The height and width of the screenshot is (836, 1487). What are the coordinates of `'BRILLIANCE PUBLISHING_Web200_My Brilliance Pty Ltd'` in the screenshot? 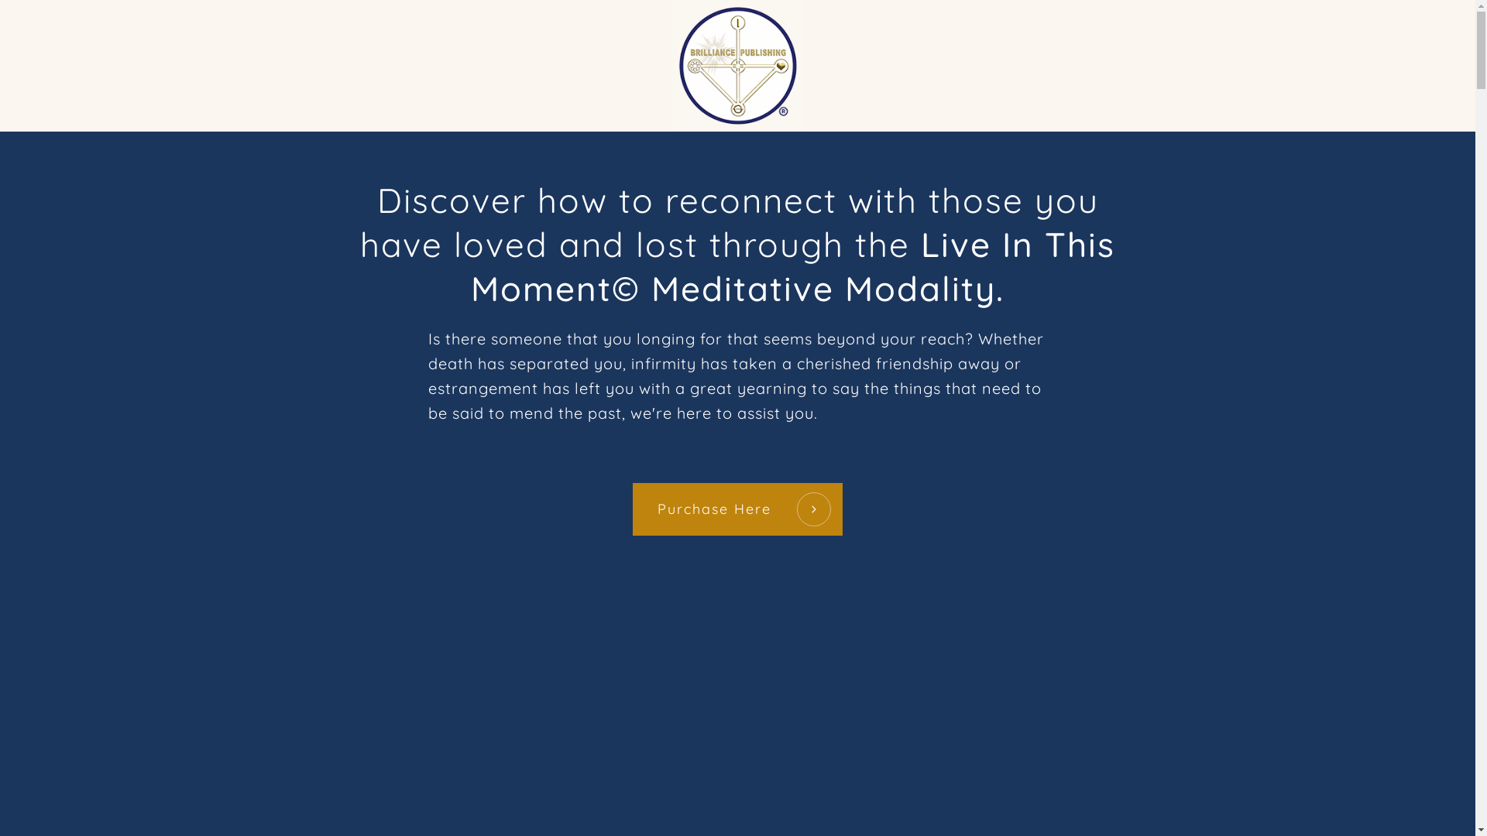 It's located at (737, 64).